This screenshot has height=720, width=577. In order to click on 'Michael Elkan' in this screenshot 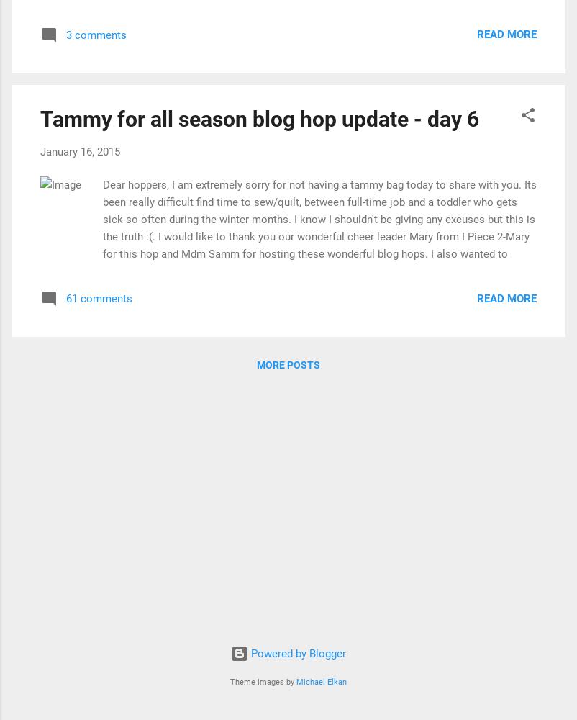, I will do `click(296, 681)`.